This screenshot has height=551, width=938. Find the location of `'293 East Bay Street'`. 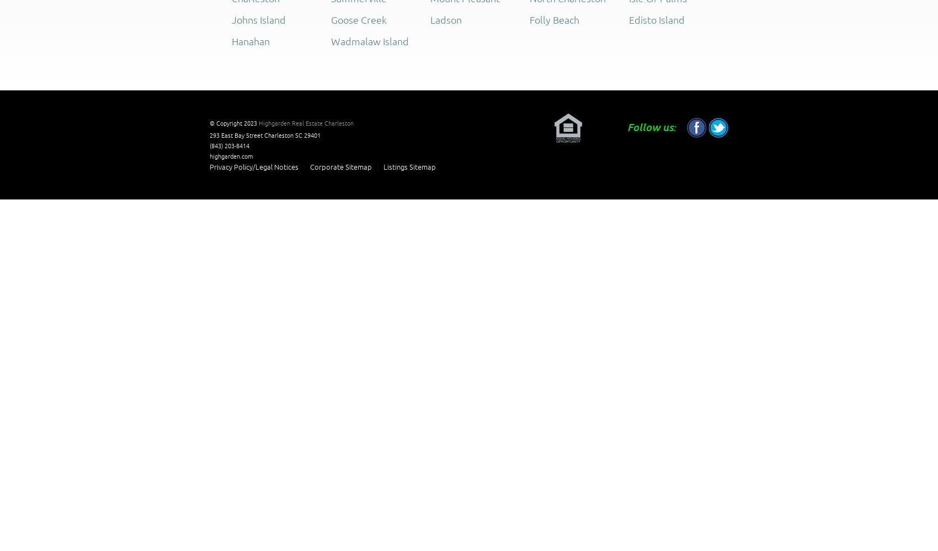

'293 East Bay Street' is located at coordinates (209, 134).